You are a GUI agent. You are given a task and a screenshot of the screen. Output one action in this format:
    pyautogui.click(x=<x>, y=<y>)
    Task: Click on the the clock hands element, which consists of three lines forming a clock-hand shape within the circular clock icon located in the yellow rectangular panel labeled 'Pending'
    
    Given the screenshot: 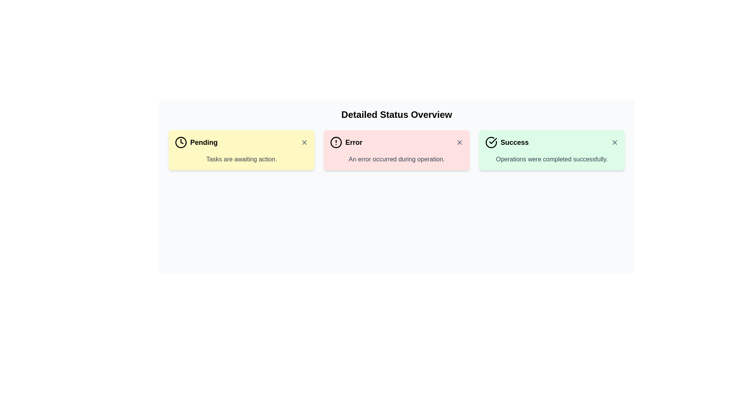 What is the action you would take?
    pyautogui.click(x=181, y=141)
    